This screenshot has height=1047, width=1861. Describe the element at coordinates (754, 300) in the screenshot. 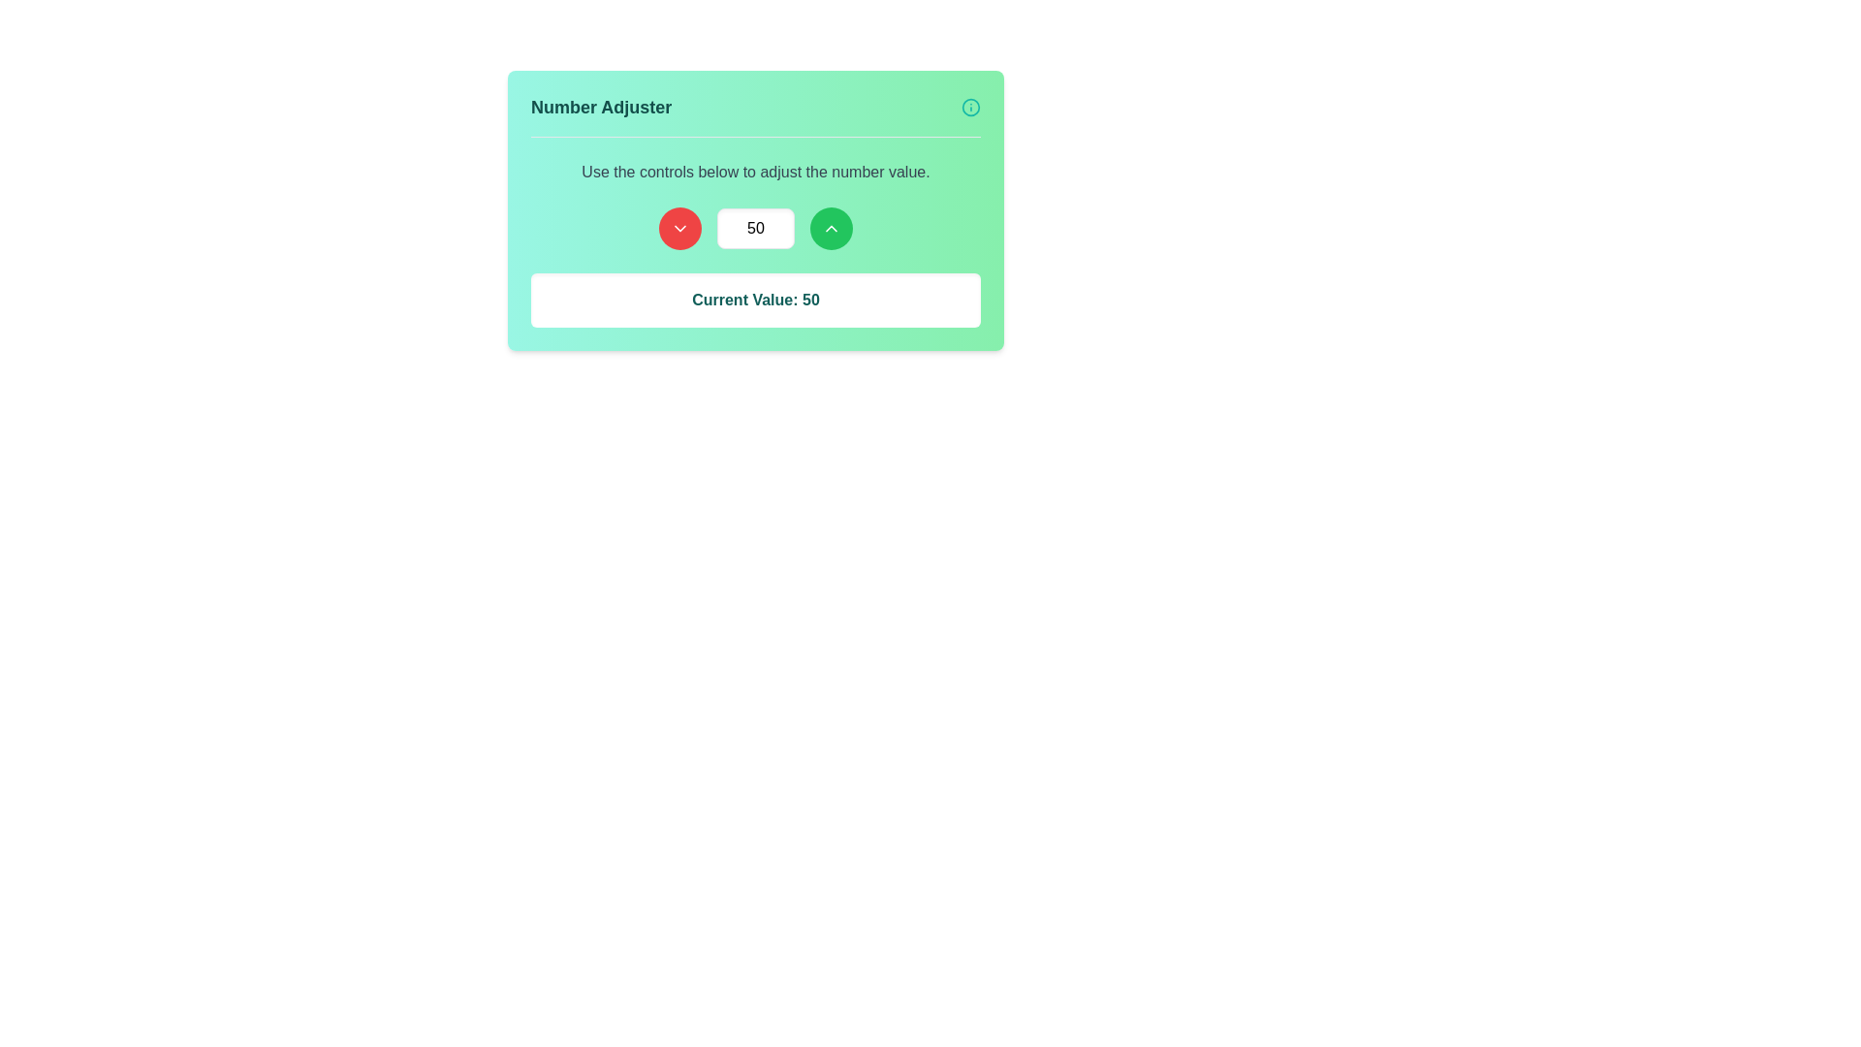

I see `the text label displaying 'Current Value: 50' in a bold teal font, which is located within a small white panel at the bottom of the green card` at that location.